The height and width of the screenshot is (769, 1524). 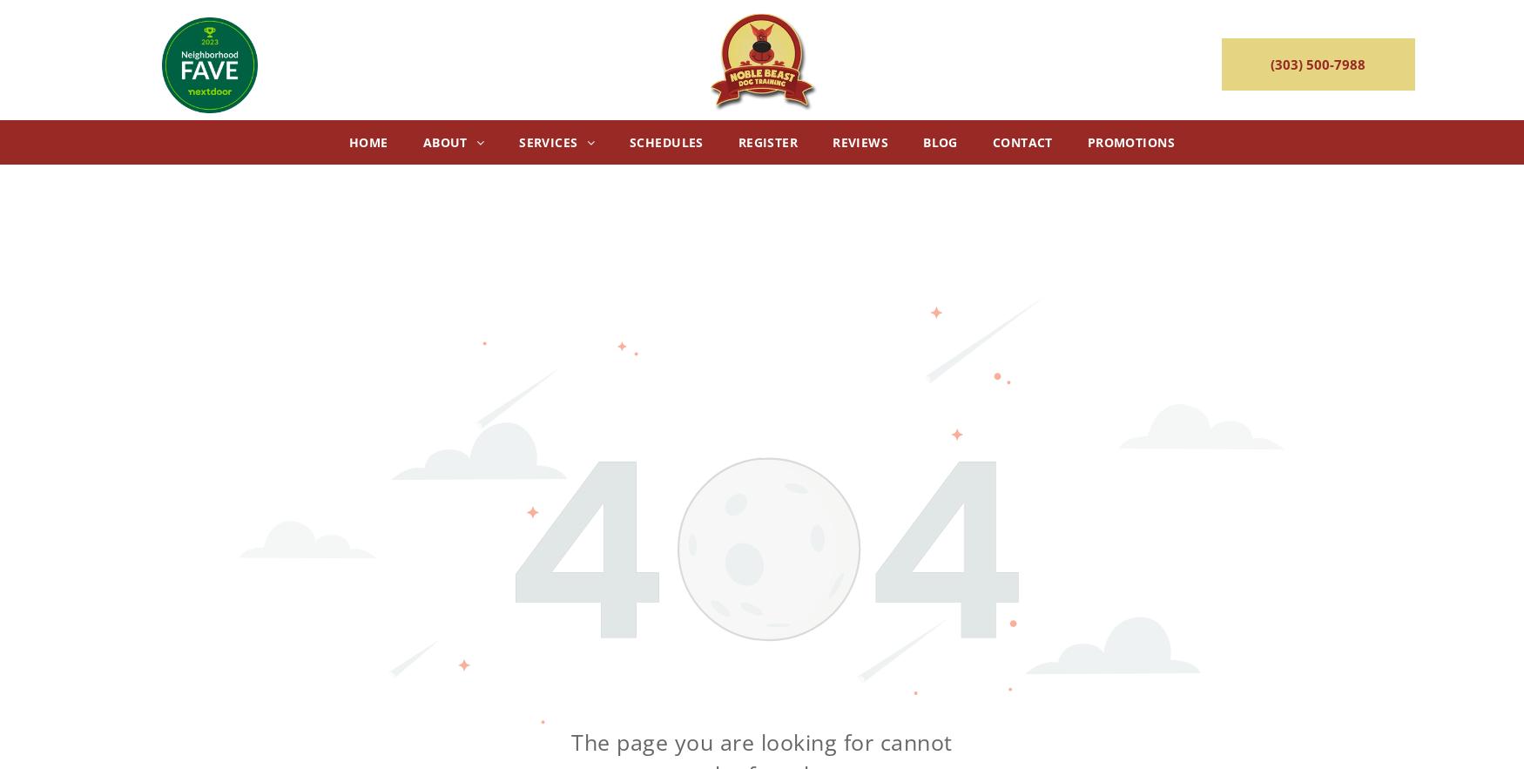 I want to click on 'Contact', so click(x=1021, y=142).